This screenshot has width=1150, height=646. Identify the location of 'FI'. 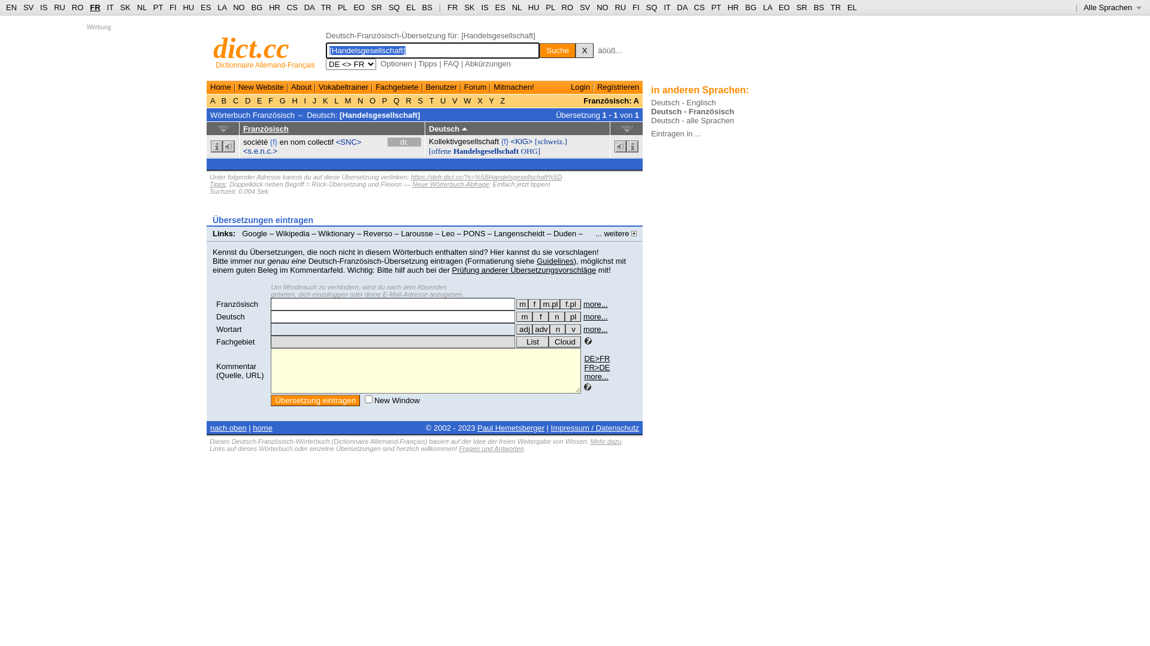
(632, 7).